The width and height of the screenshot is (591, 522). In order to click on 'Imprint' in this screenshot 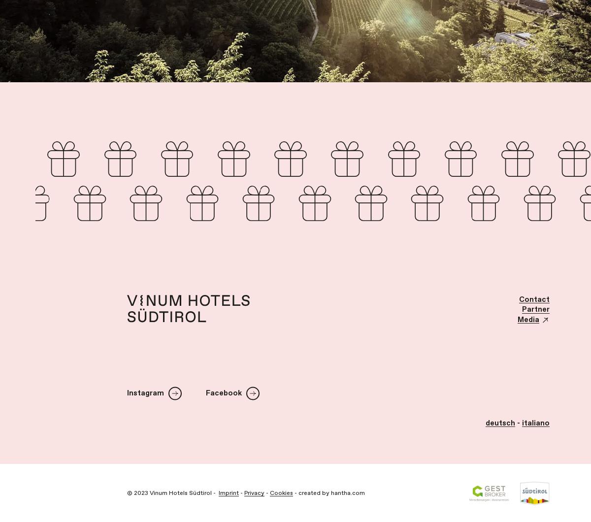, I will do `click(219, 492)`.